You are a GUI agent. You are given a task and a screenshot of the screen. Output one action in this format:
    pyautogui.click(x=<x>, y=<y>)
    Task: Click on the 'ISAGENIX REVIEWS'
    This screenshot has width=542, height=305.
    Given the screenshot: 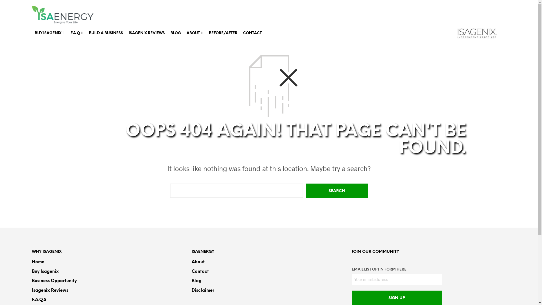 What is the action you would take?
    pyautogui.click(x=147, y=33)
    